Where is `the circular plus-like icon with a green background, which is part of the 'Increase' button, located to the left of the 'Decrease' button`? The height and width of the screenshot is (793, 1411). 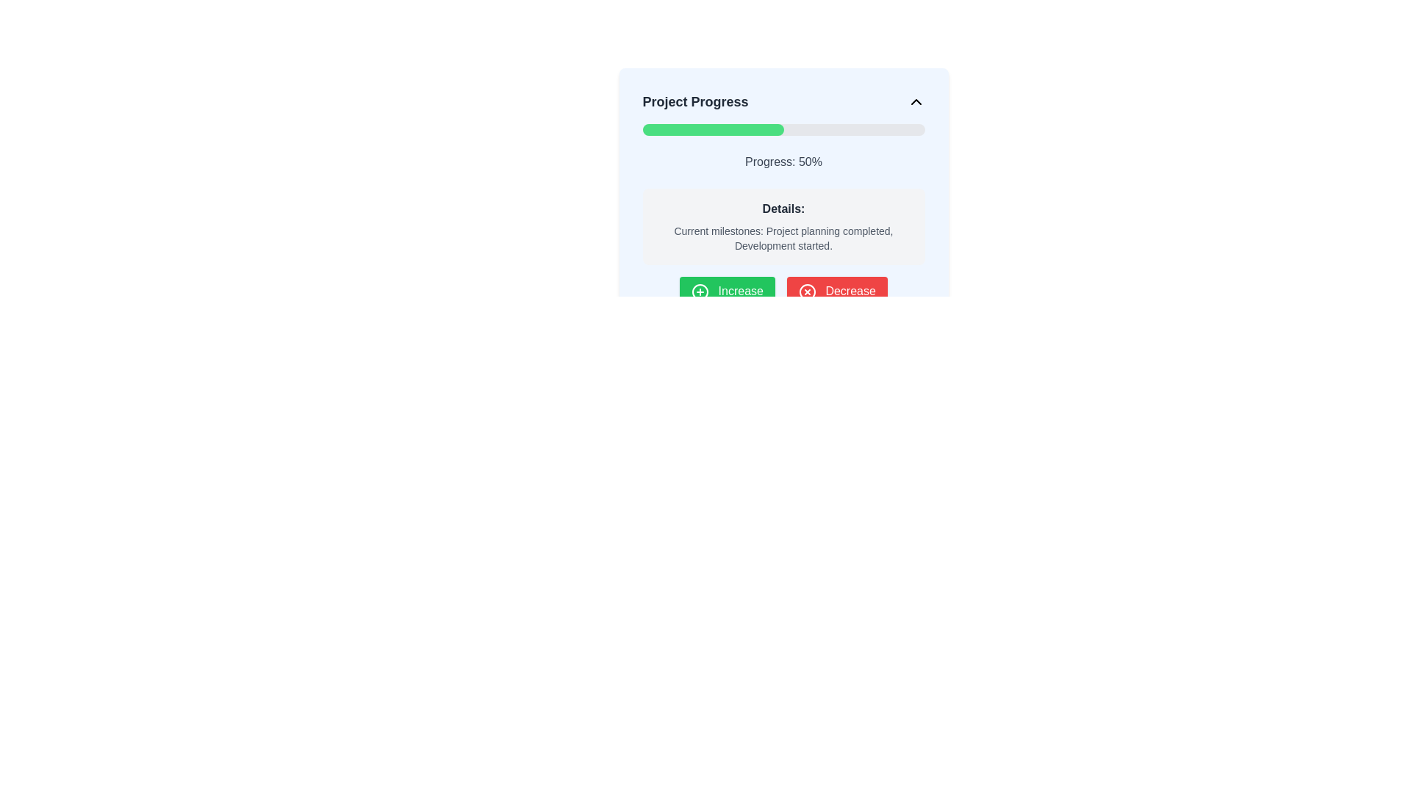 the circular plus-like icon with a green background, which is part of the 'Increase' button, located to the left of the 'Decrease' button is located at coordinates (700, 292).